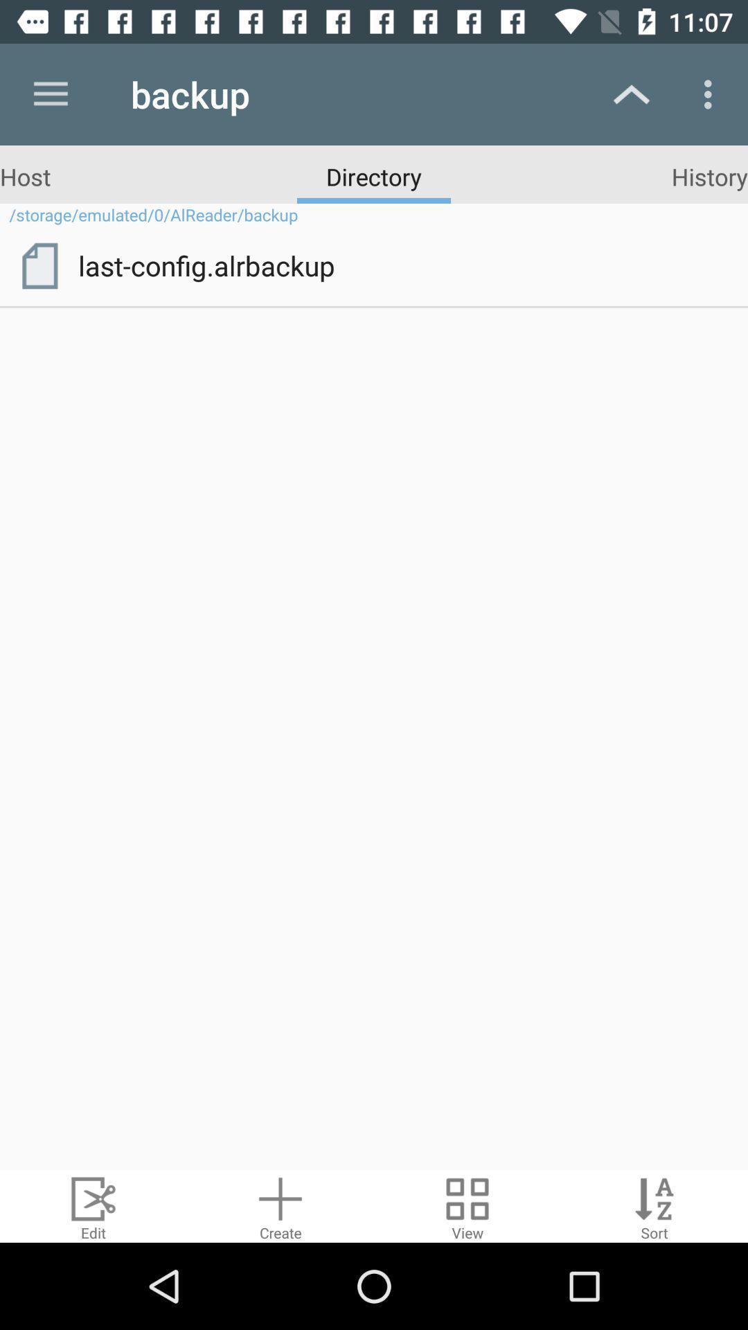  I want to click on create, so click(280, 1205).